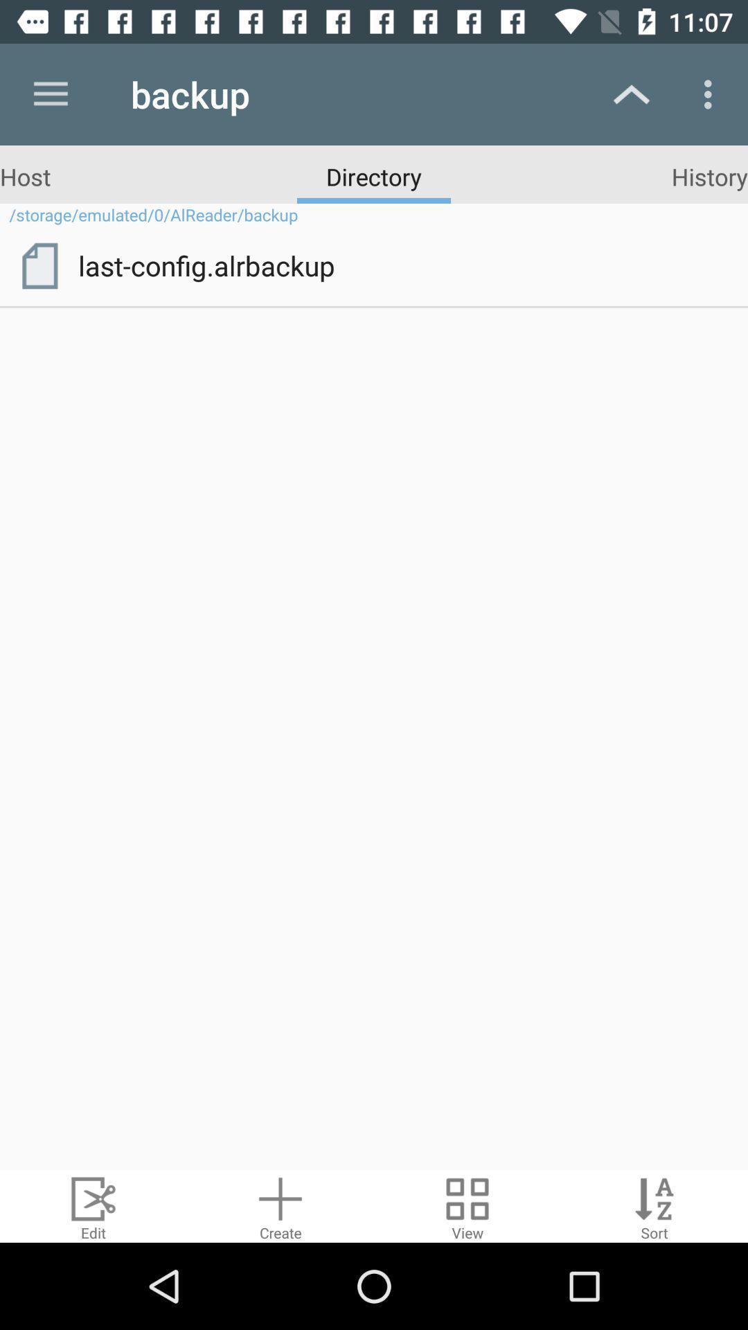  I want to click on create, so click(280, 1205).